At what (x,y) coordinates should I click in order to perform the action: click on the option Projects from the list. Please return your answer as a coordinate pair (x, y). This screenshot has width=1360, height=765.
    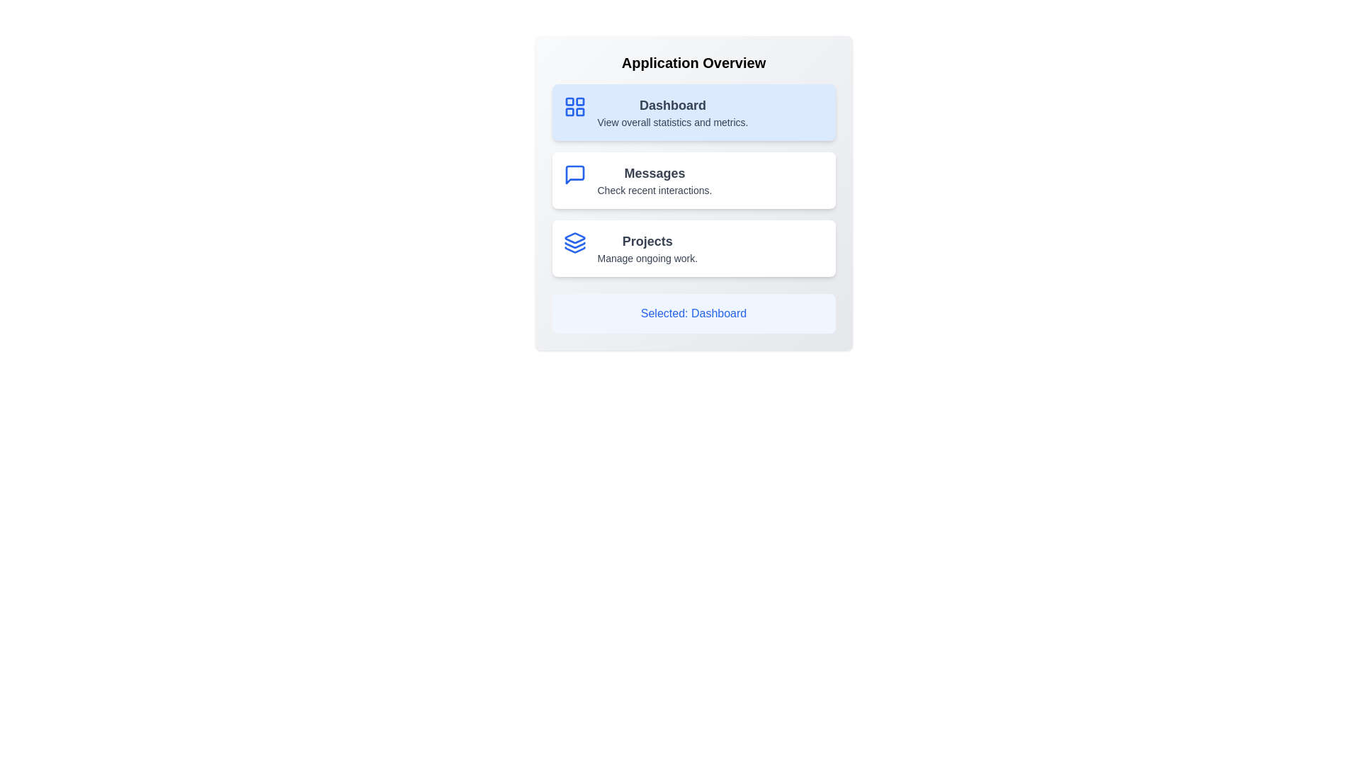
    Looking at the image, I should click on (693, 248).